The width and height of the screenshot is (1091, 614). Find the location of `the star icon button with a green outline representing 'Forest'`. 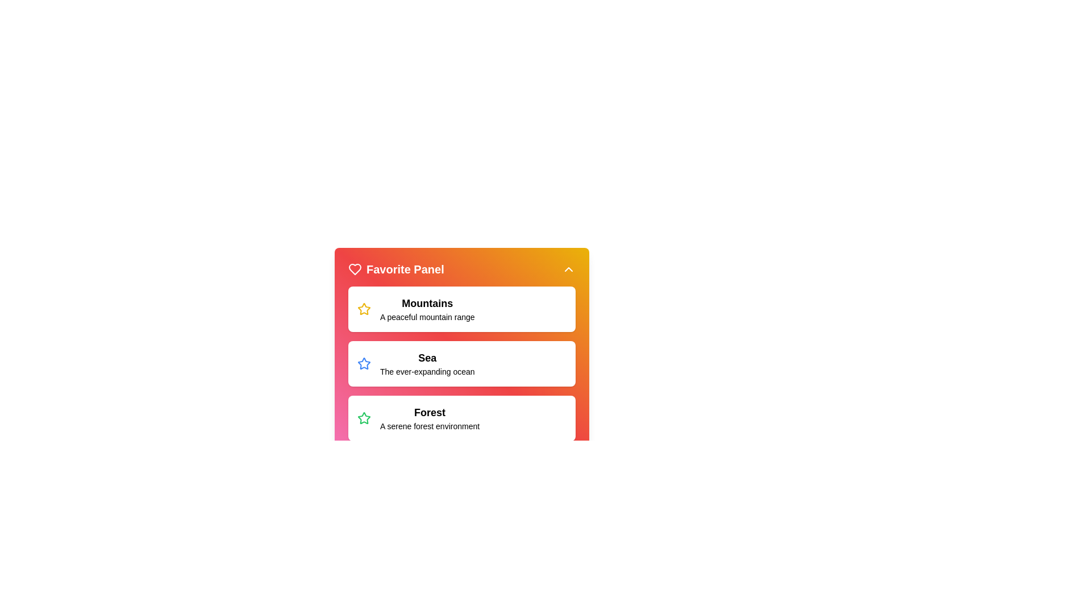

the star icon button with a green outline representing 'Forest' is located at coordinates (364, 418).